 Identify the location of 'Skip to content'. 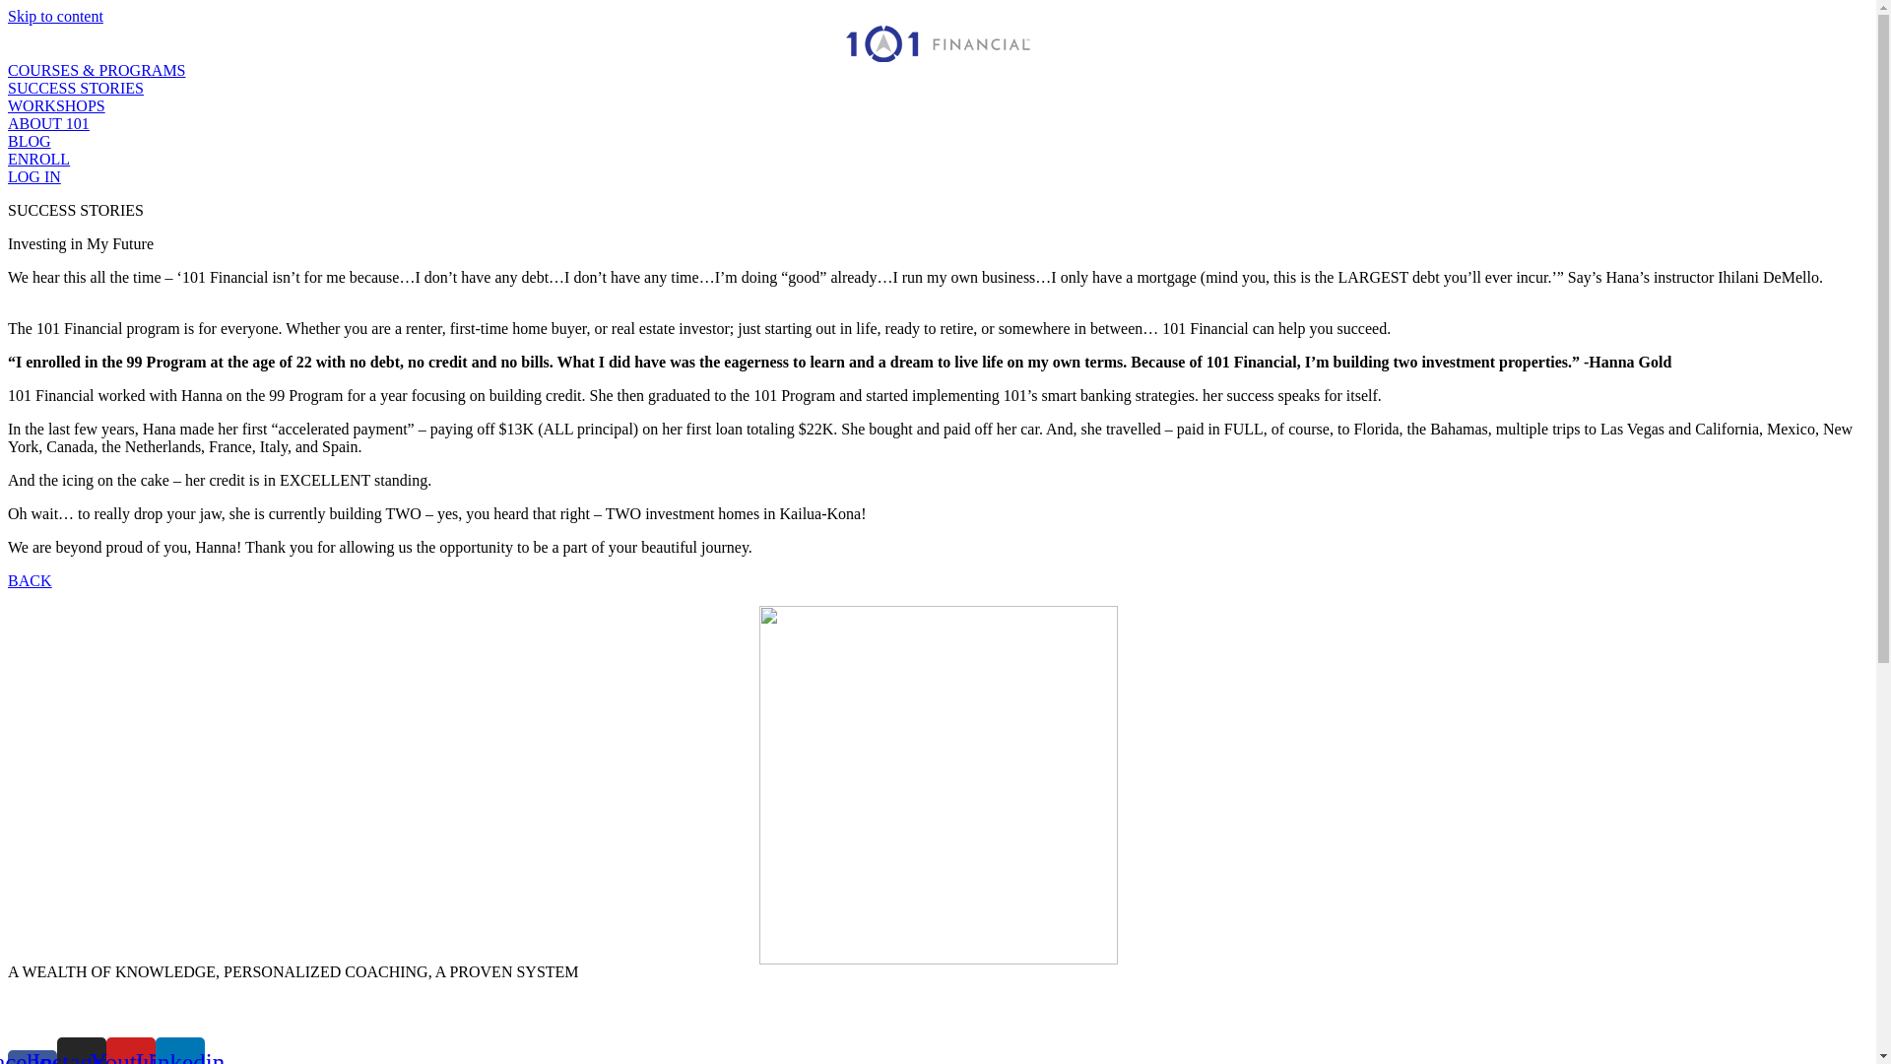
(55, 16).